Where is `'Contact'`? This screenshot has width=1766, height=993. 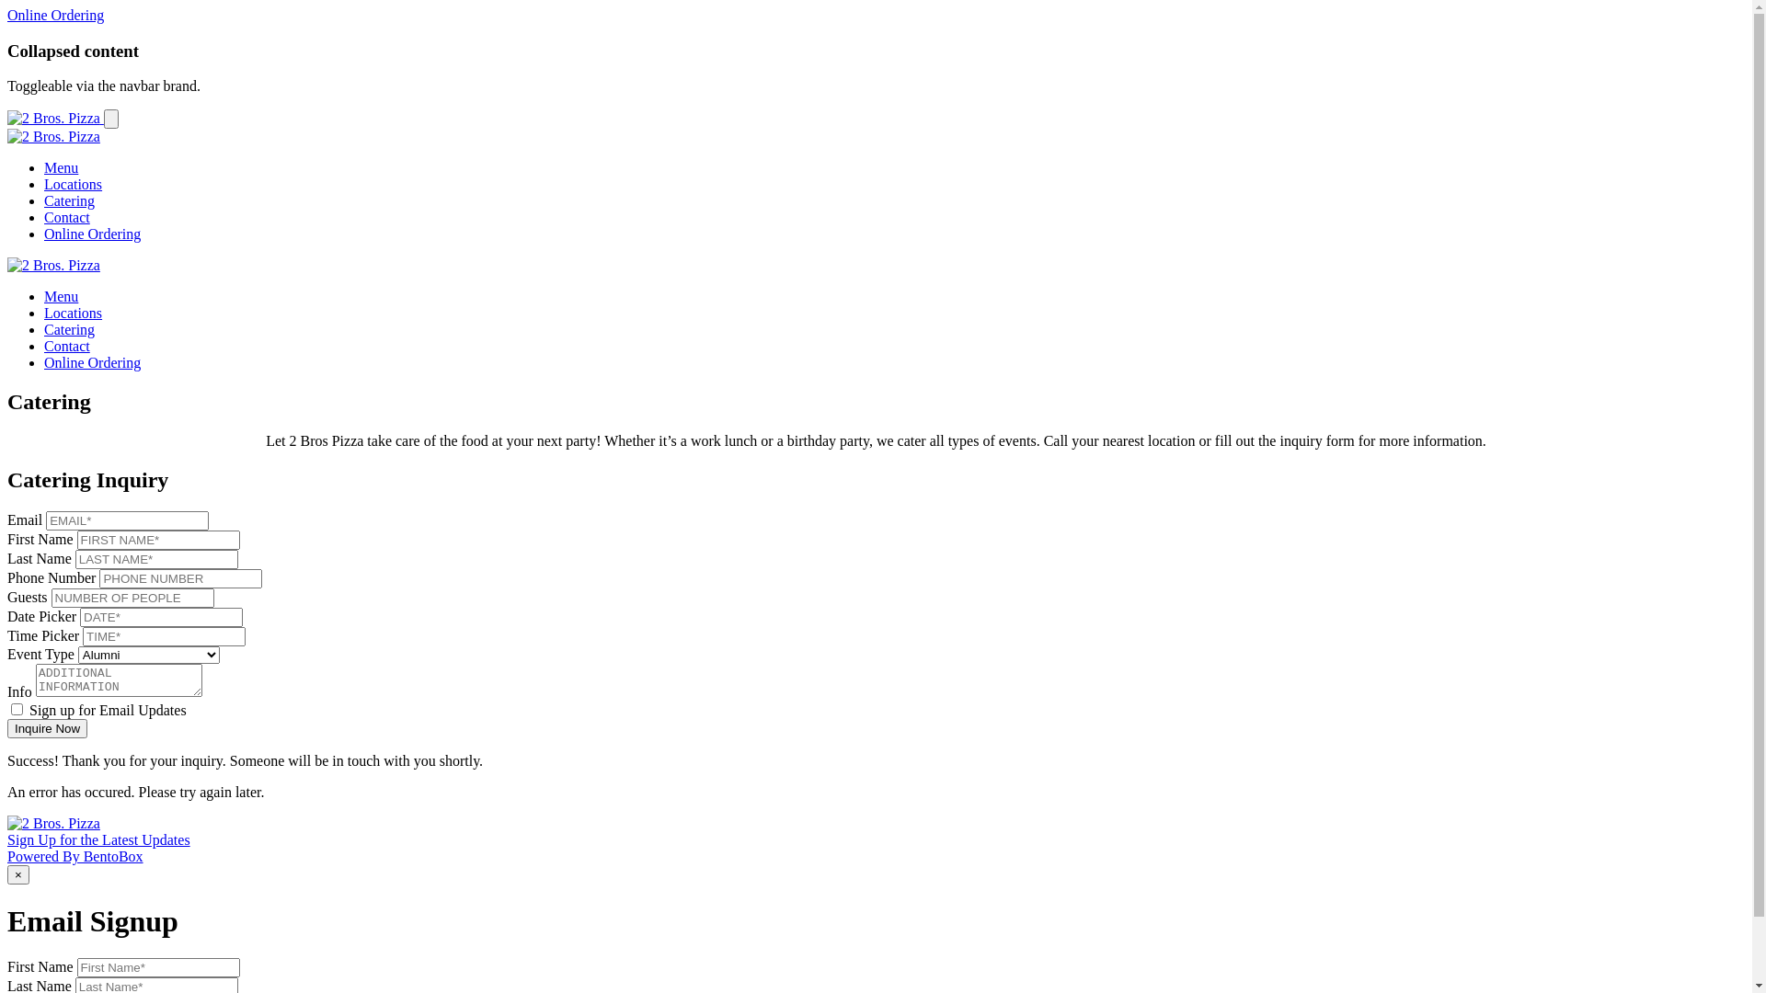
'Contact' is located at coordinates (66, 346).